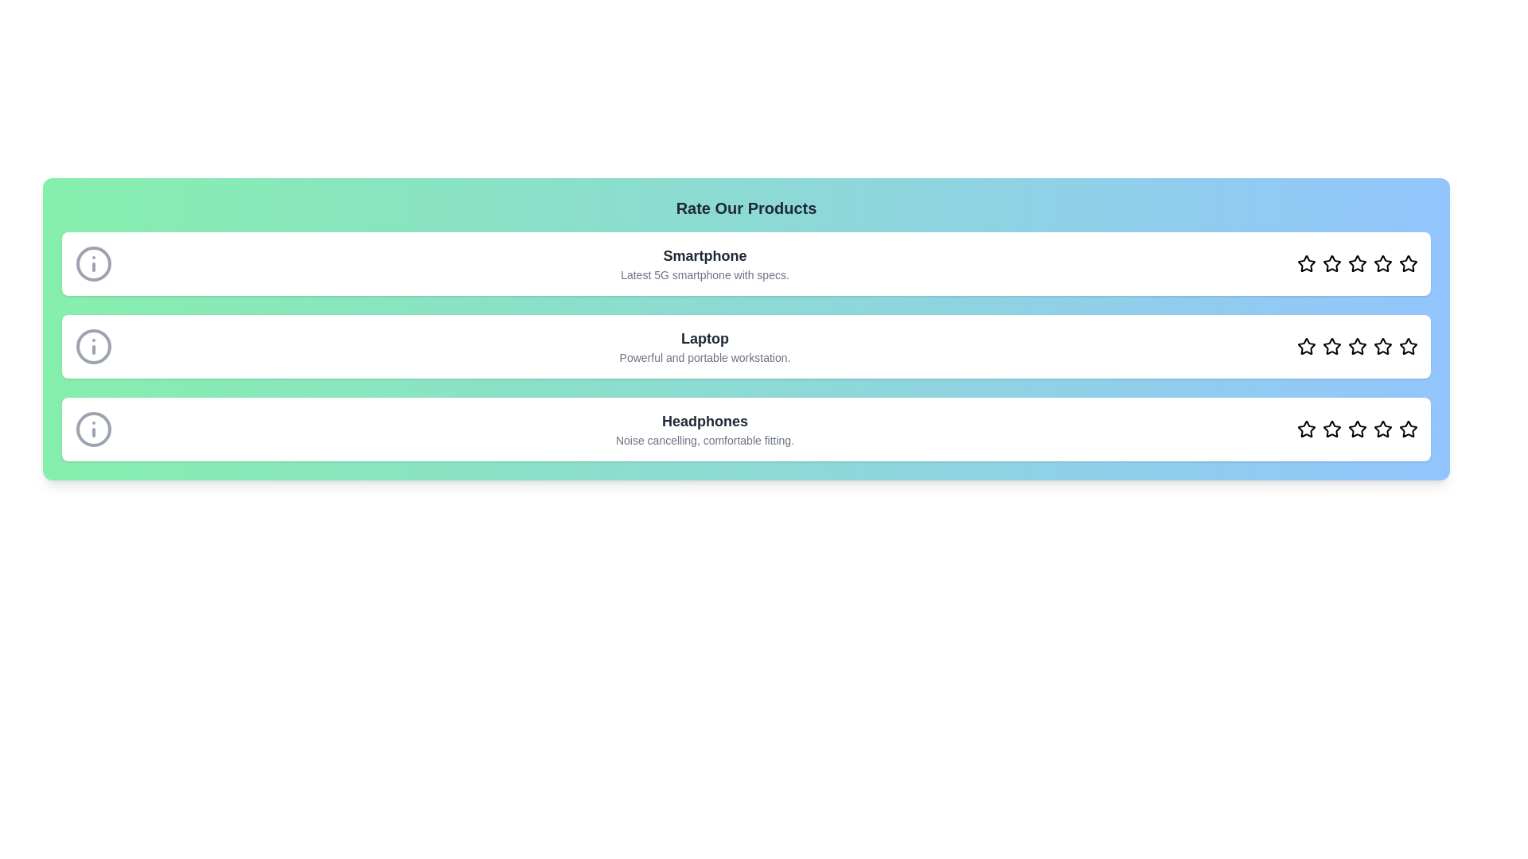 Image resolution: width=1528 pixels, height=859 pixels. What do you see at coordinates (1356, 345) in the screenshot?
I see `the fourth star icon in the rating system` at bounding box center [1356, 345].